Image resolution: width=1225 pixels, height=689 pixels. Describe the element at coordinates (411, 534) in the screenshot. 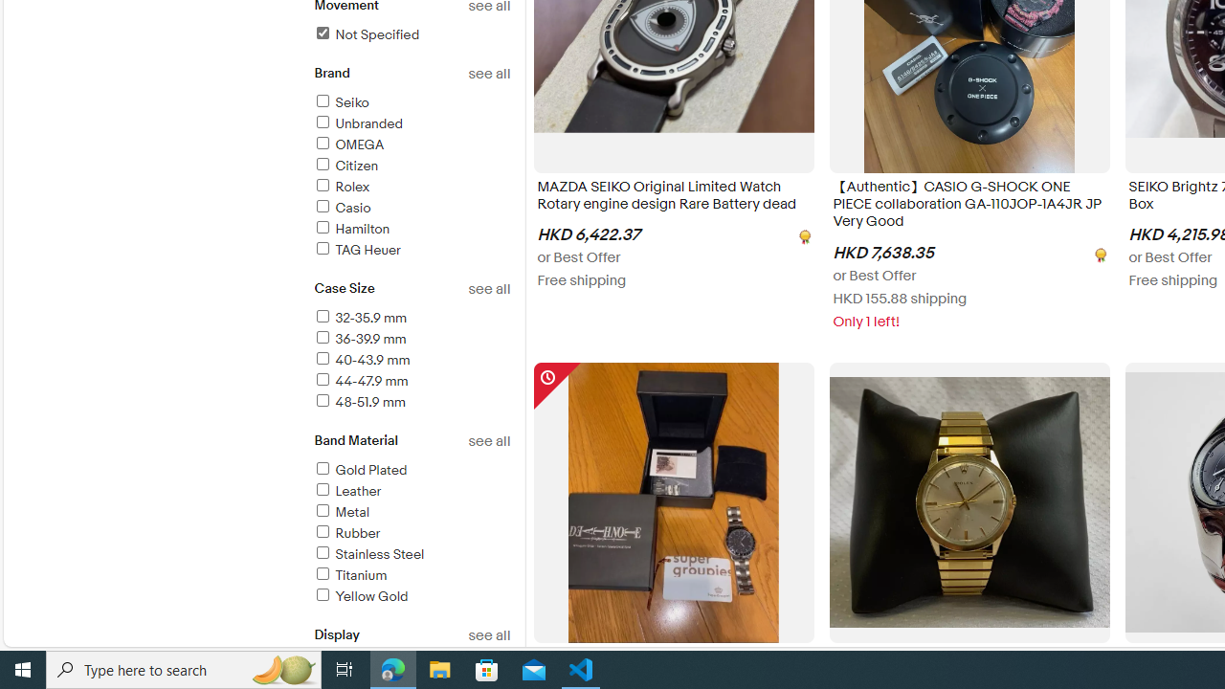

I see `'Rubber'` at that location.